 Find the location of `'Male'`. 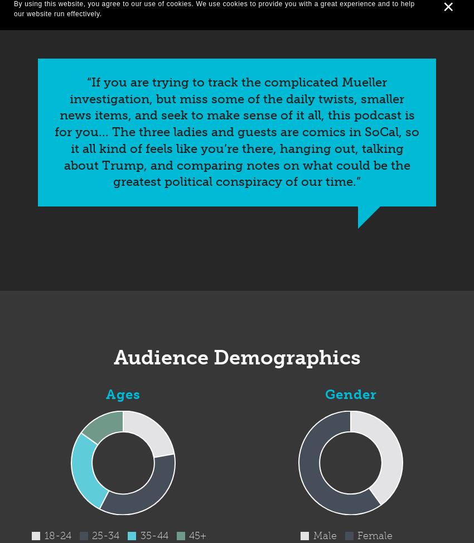

'Male' is located at coordinates (324, 535).